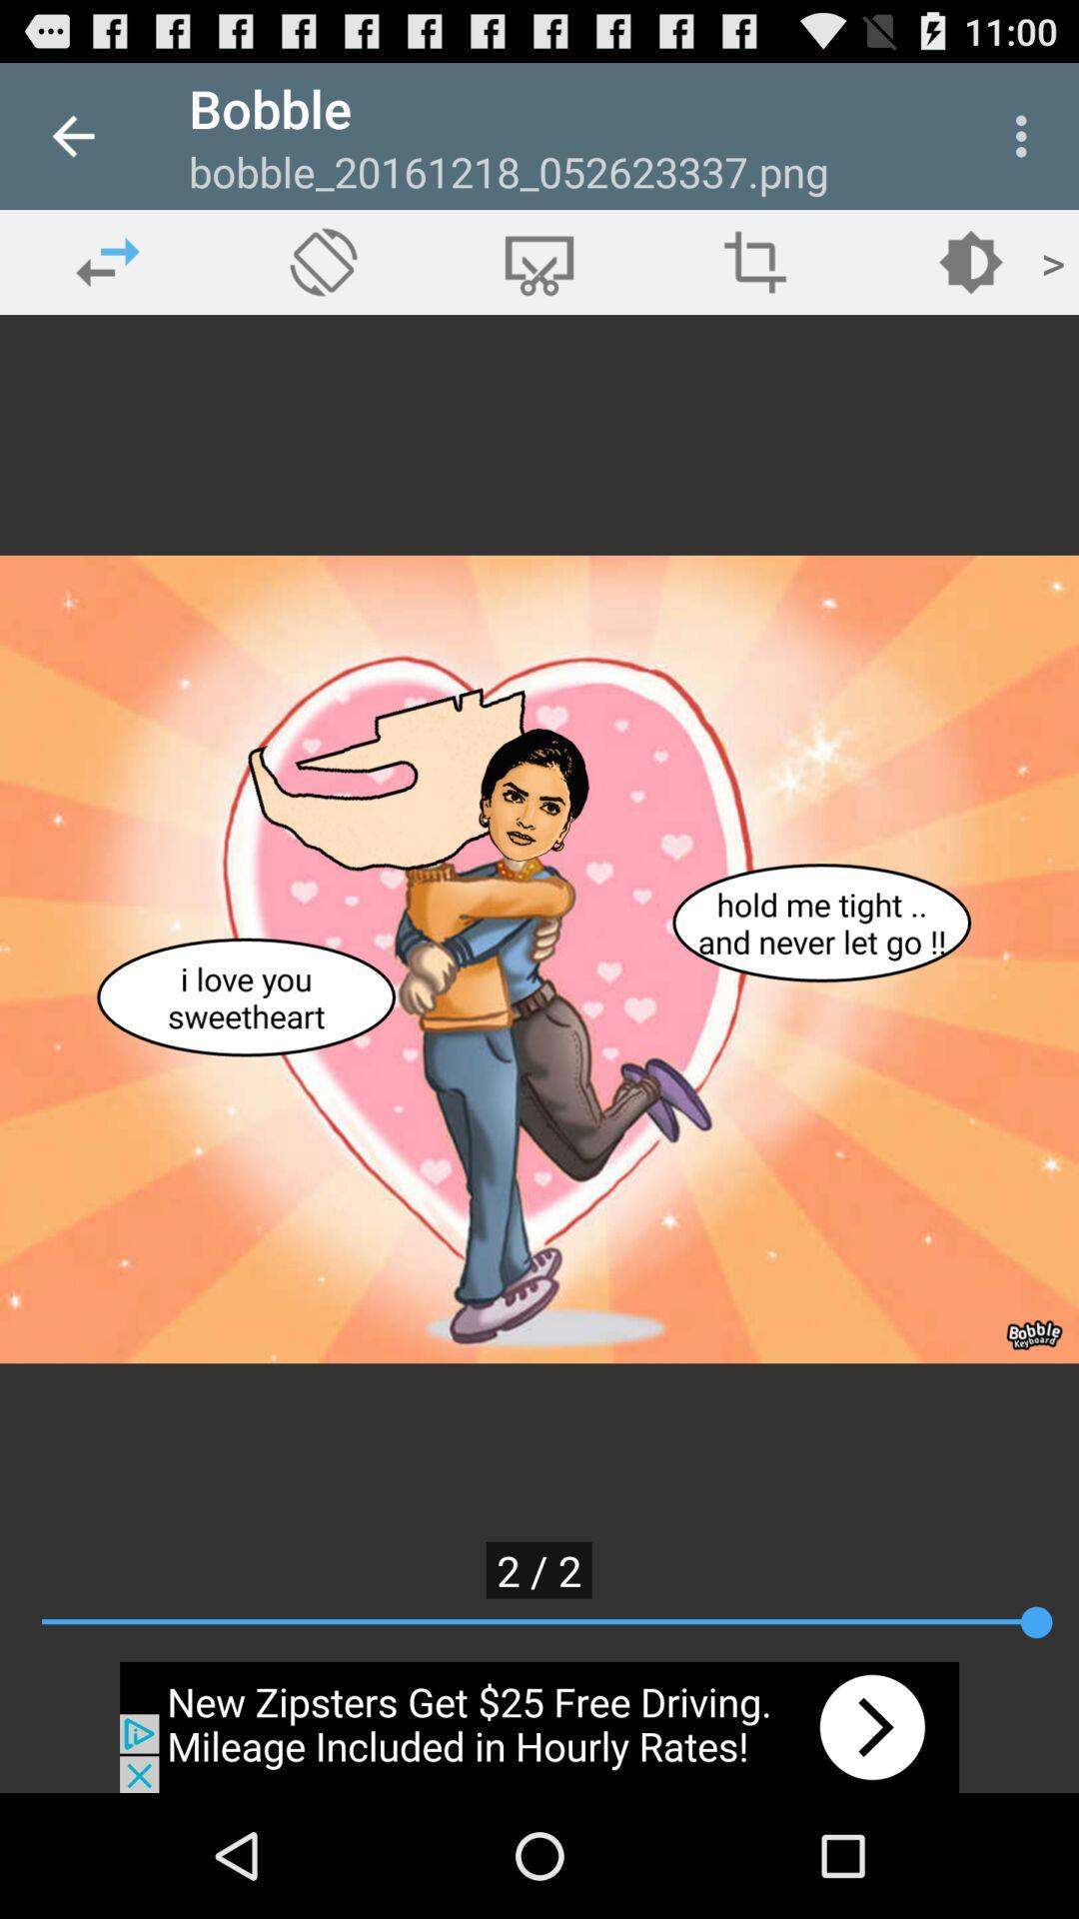  Describe the element at coordinates (108, 261) in the screenshot. I see `the swap icon` at that location.